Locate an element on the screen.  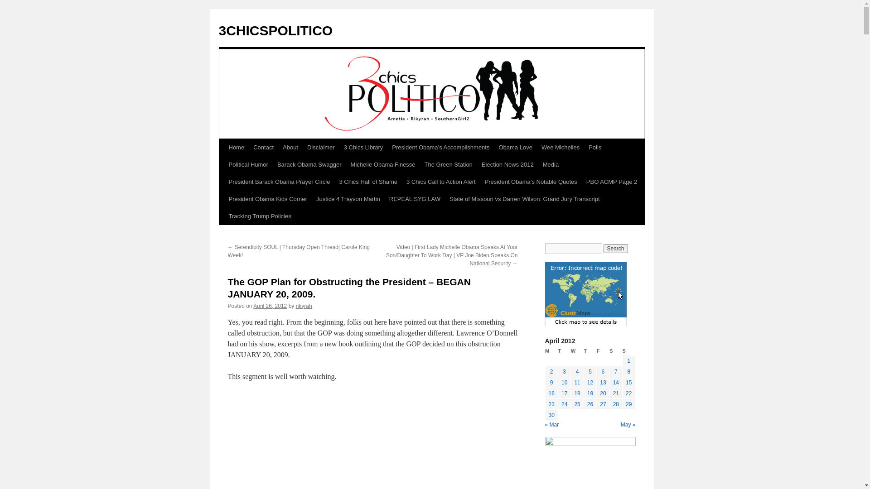
'28' is located at coordinates (616, 404).